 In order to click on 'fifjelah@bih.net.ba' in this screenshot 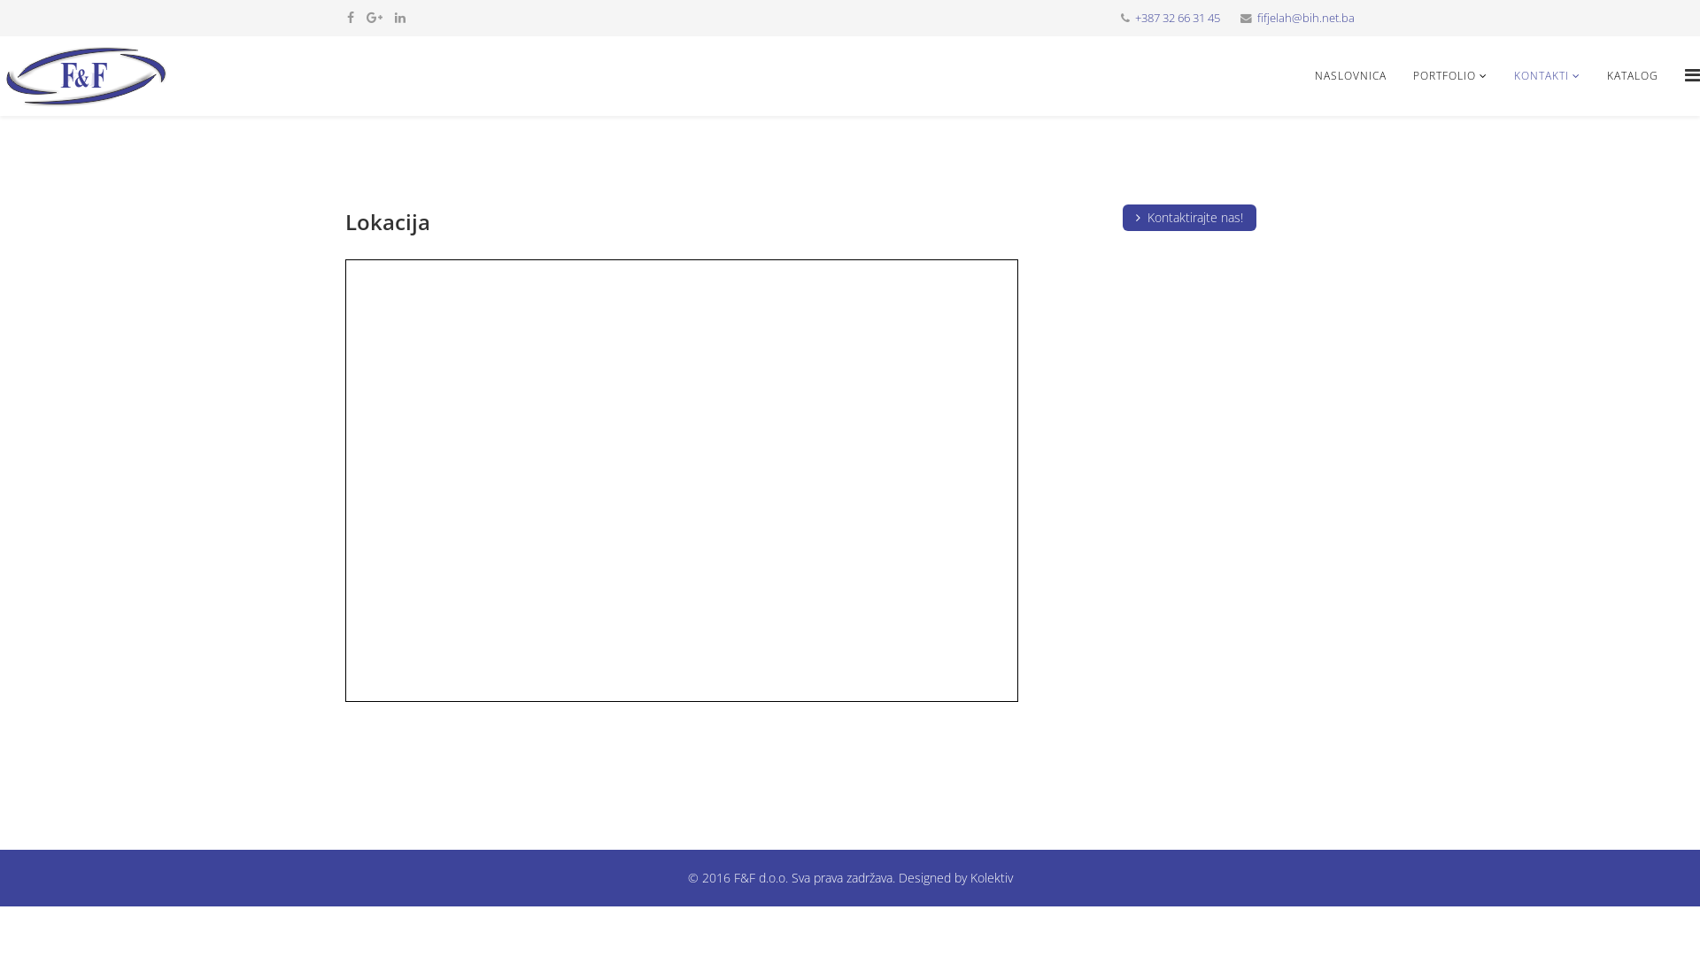, I will do `click(1305, 18)`.